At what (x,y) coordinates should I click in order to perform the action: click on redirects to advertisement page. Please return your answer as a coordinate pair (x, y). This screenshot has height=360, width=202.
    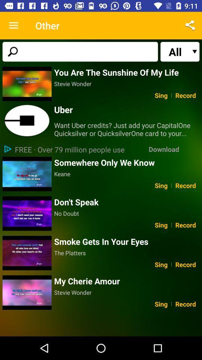
    Looking at the image, I should click on (27, 121).